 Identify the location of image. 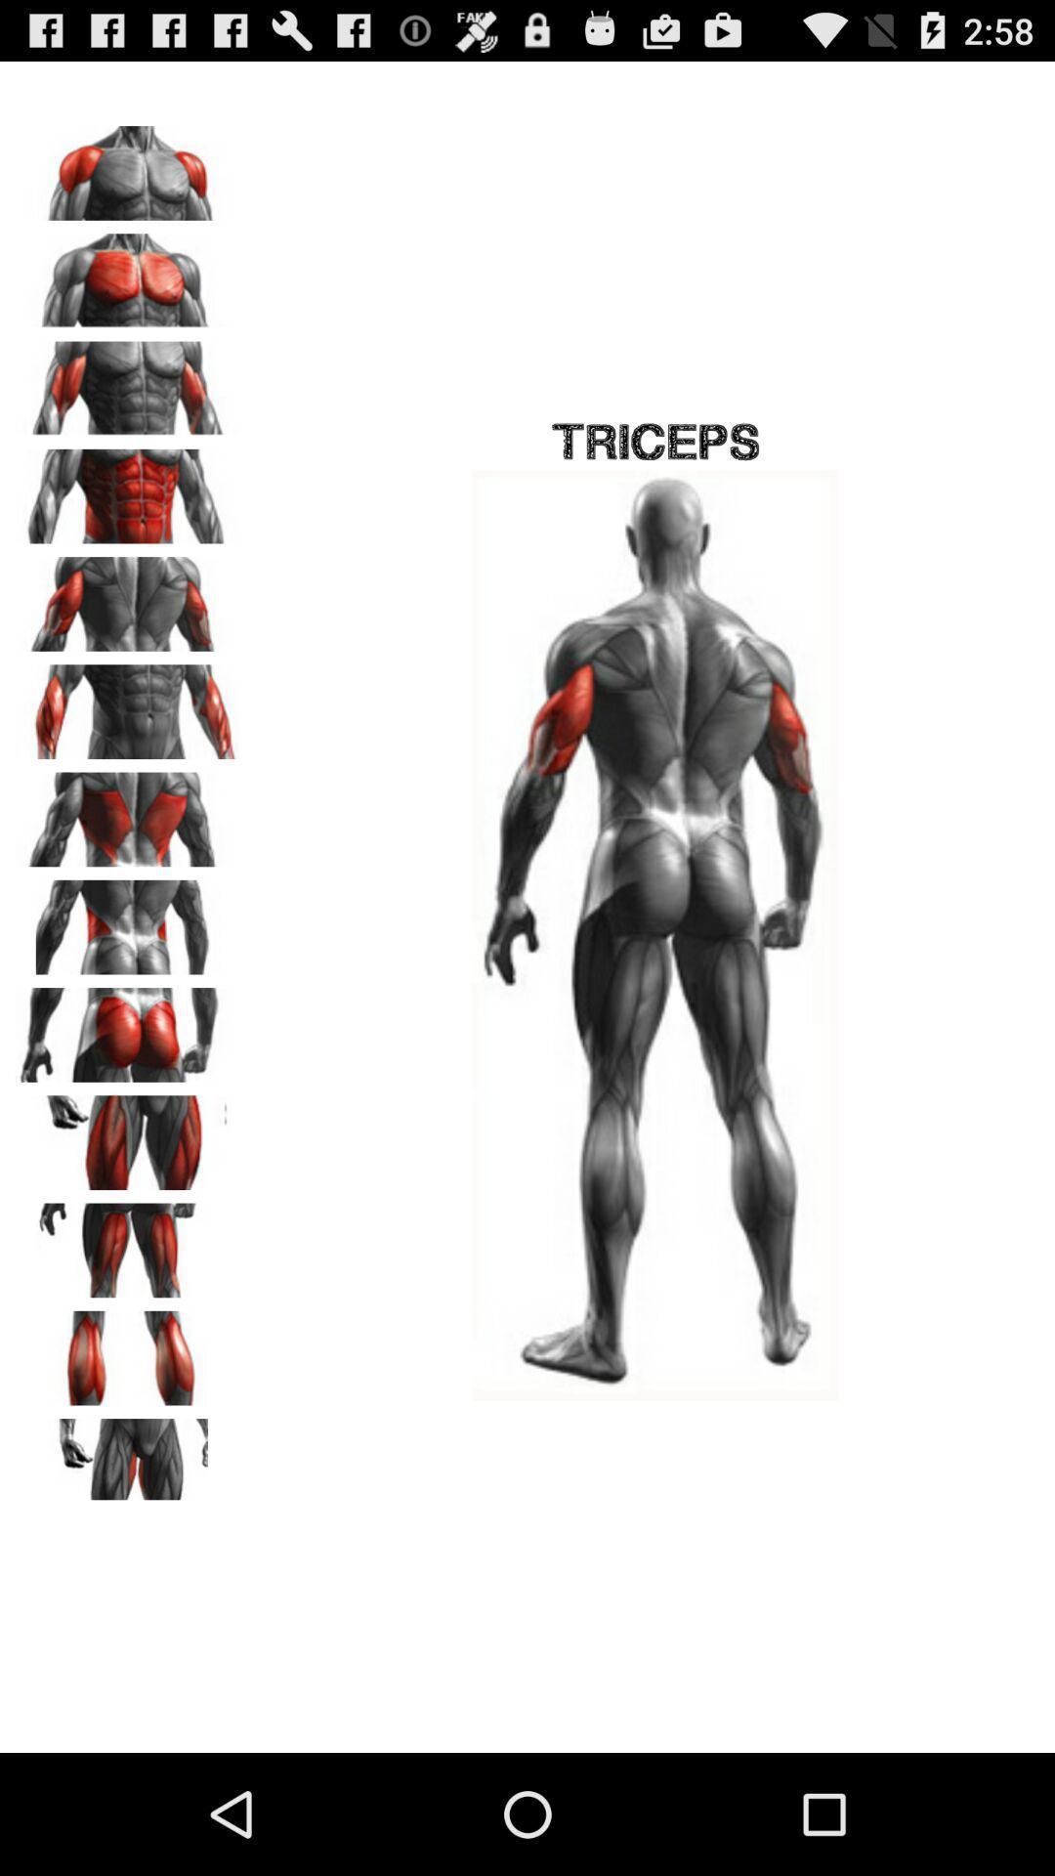
(128, 703).